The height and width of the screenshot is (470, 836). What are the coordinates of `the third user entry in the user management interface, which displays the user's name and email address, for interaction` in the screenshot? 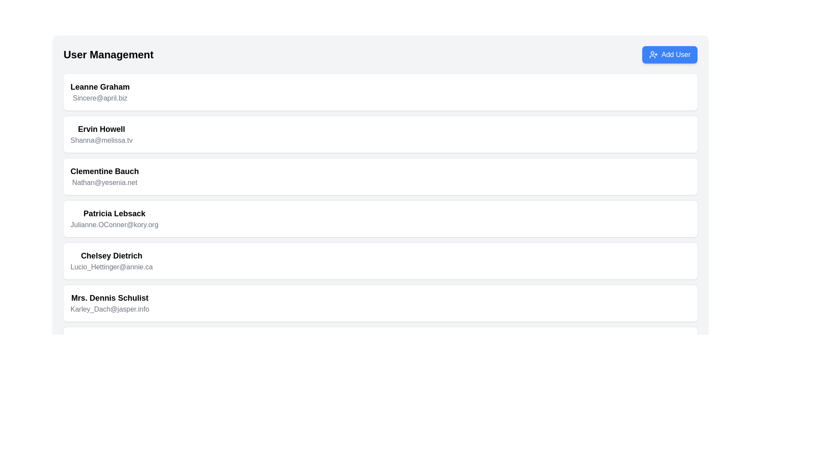 It's located at (104, 176).